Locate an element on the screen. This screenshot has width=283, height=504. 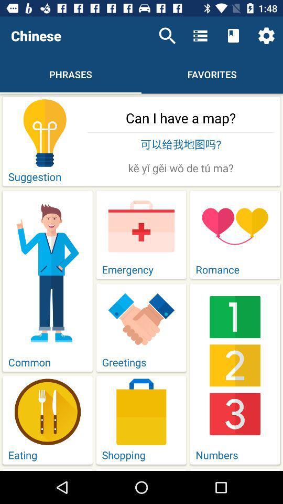
the icon next to chinese is located at coordinates (167, 36).